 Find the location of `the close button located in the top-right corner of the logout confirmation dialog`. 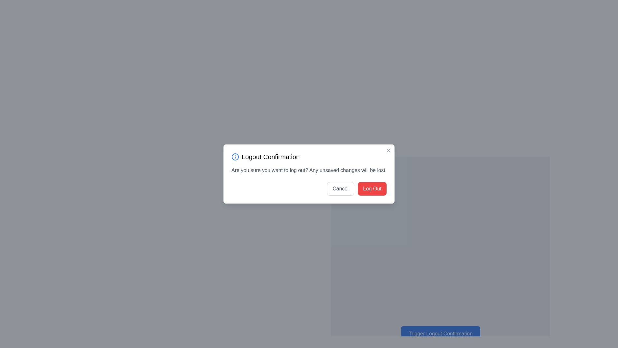

the close button located in the top-right corner of the logout confirmation dialog is located at coordinates (388, 150).